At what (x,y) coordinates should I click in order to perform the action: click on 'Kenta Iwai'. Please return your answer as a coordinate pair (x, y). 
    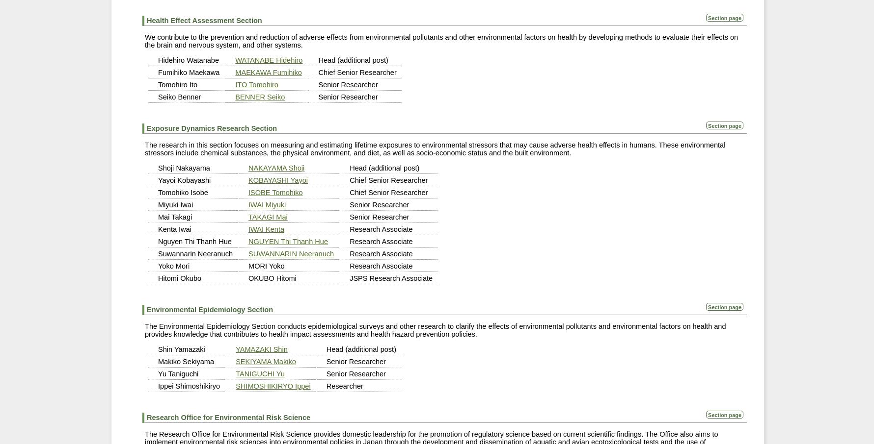
    Looking at the image, I should click on (174, 228).